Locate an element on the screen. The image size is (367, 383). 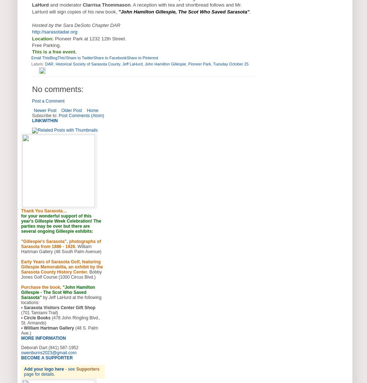
'John Hamilton Gillespie' is located at coordinates (165, 63).